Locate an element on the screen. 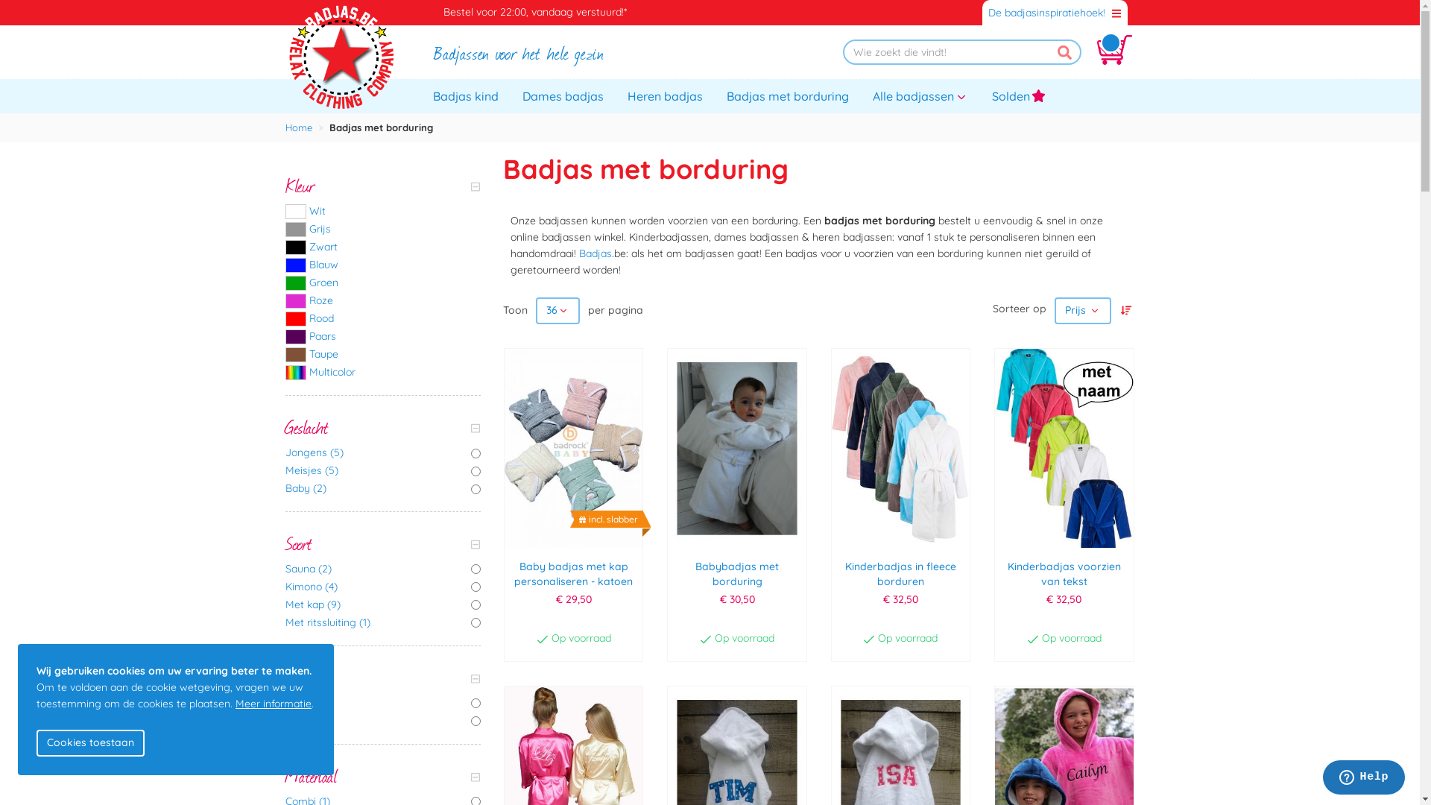  'Badjas.be' is located at coordinates (339, 54).